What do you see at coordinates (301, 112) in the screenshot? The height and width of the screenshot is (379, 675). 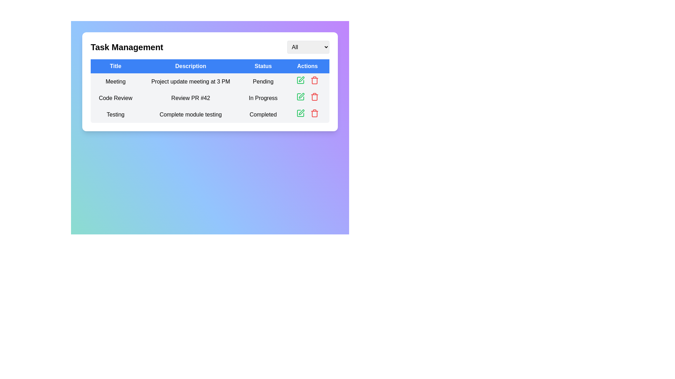 I see `the edit icon located in the 'Actions' column of the table, aligned with the 'Testing' row, to initiate the edit function` at bounding box center [301, 112].